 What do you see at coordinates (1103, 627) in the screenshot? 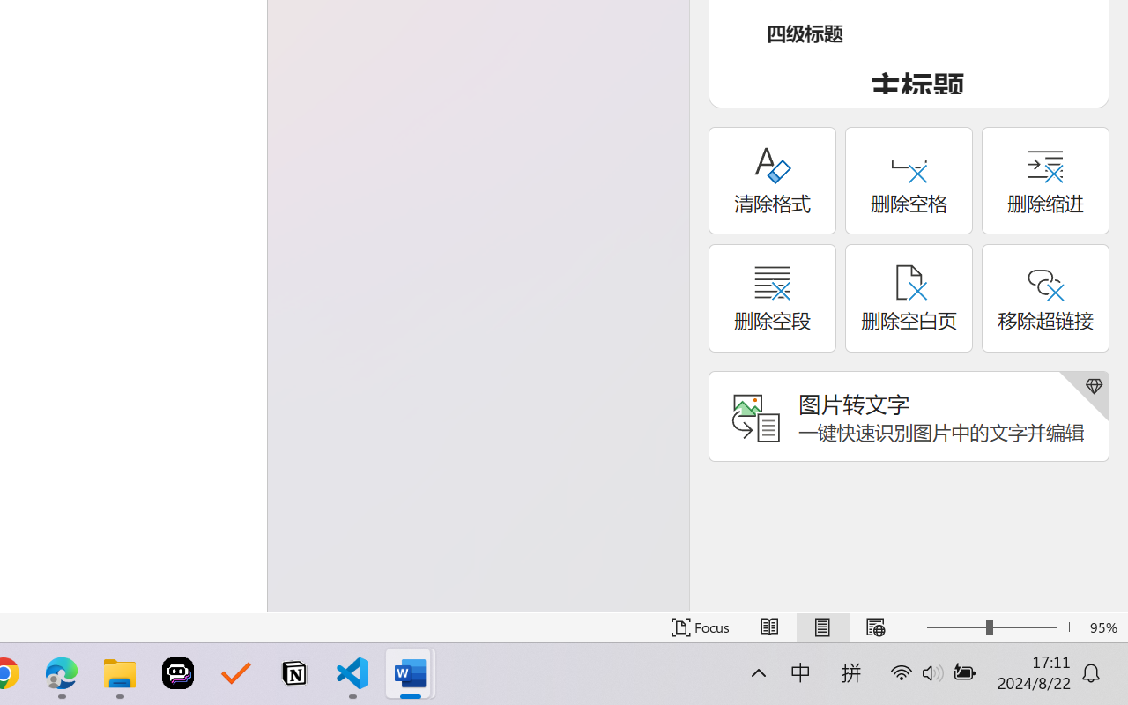
I see `'Zoom 95%'` at bounding box center [1103, 627].